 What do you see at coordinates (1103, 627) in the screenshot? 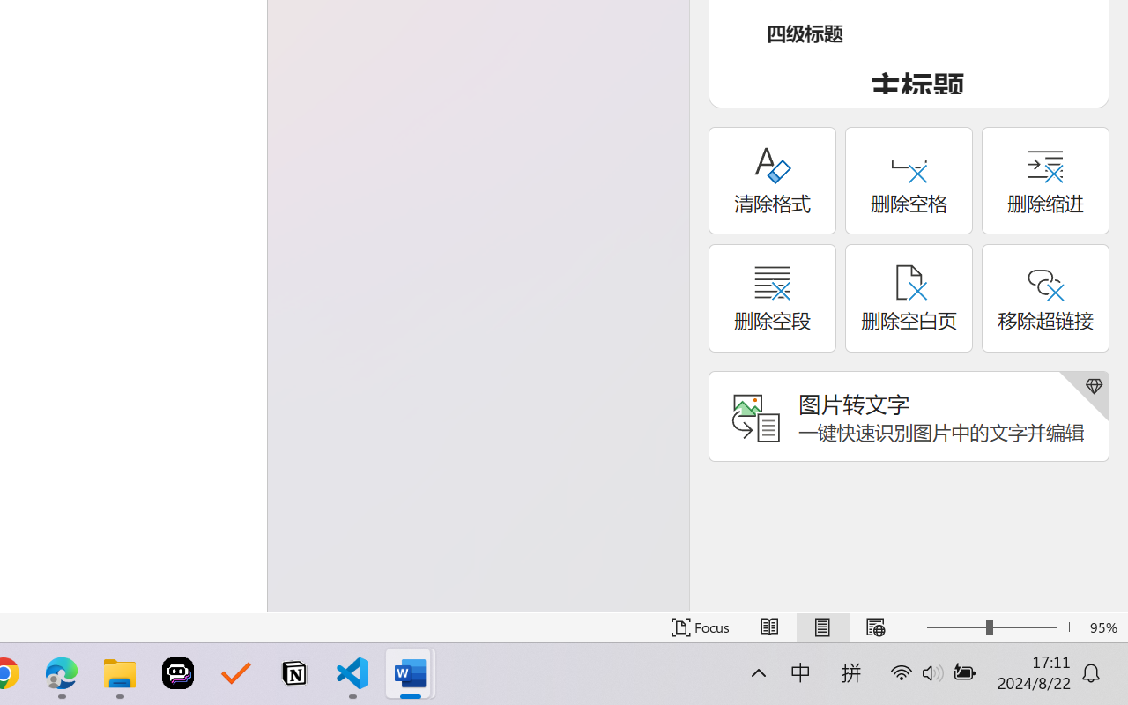
I see `'Zoom 95%'` at bounding box center [1103, 627].